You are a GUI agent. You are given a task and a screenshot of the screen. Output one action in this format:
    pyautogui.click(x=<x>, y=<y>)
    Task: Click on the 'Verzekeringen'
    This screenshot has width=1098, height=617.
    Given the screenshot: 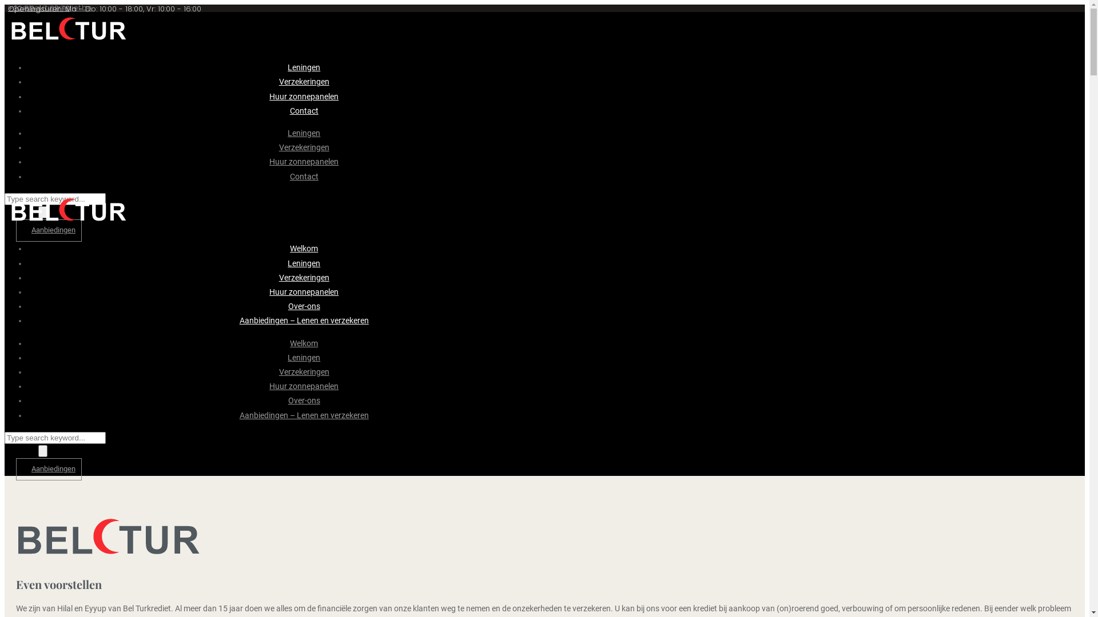 What is the action you would take?
    pyautogui.click(x=304, y=147)
    